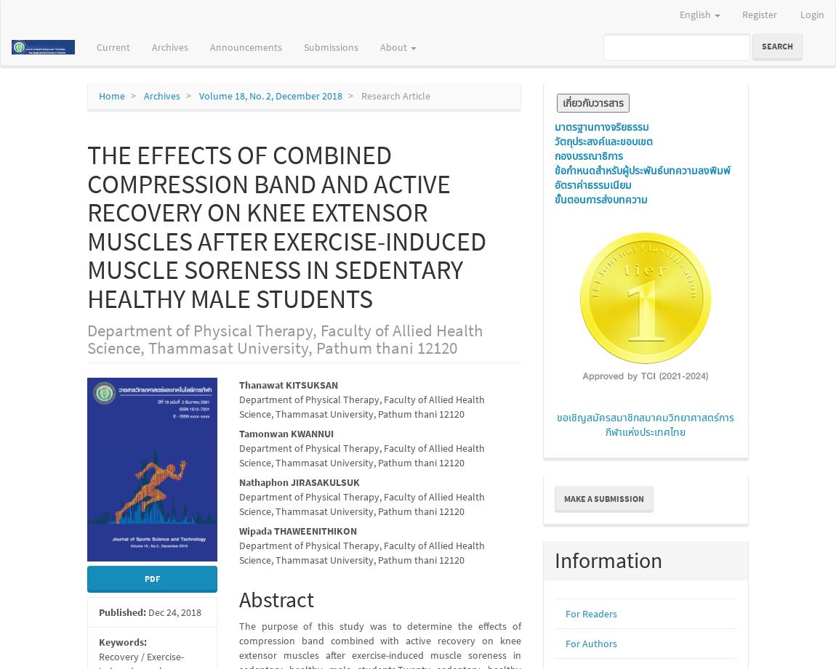 The width and height of the screenshot is (836, 669). I want to click on 'Submissions', so click(330, 47).